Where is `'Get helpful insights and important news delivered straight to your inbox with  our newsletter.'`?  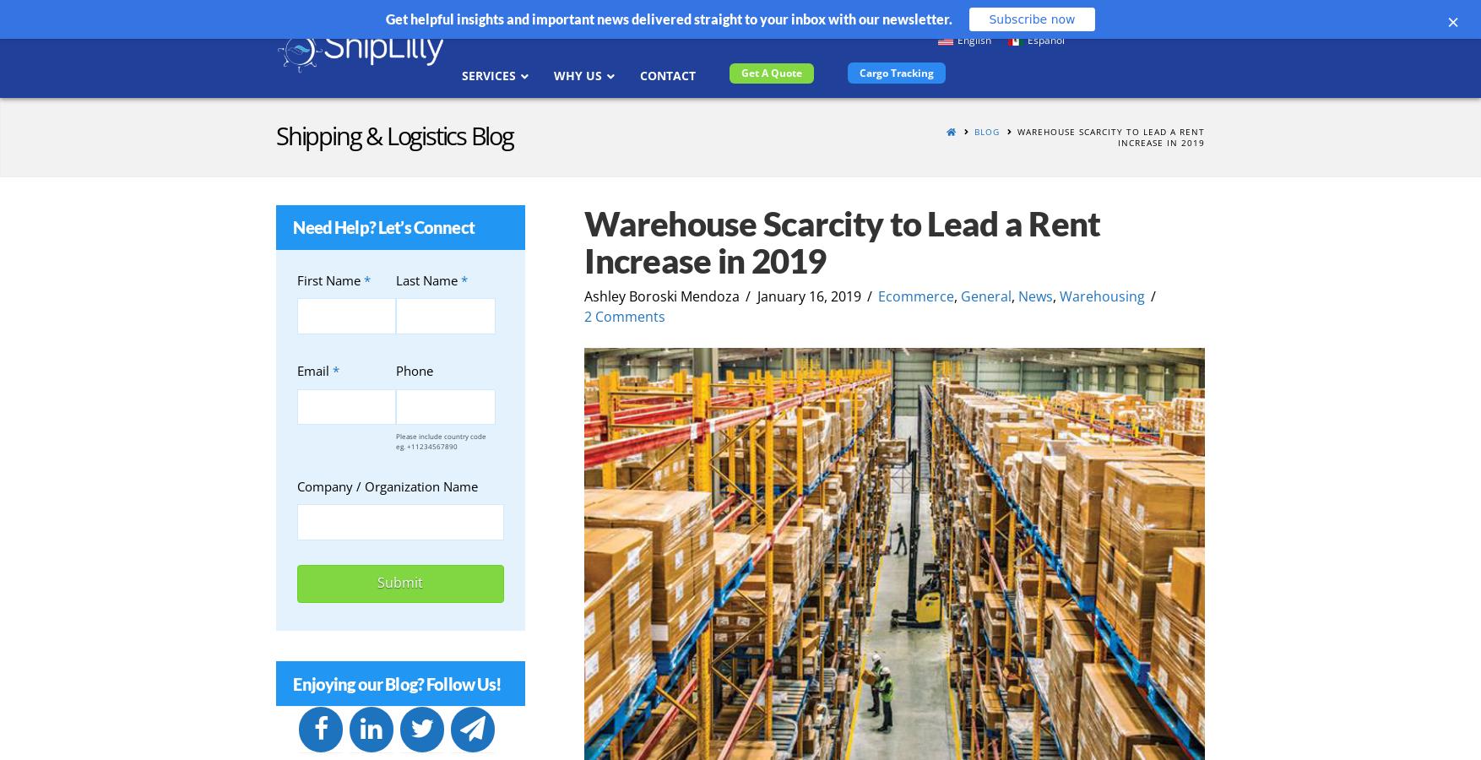
'Get helpful insights and important news delivered straight to your inbox with  our newsletter.' is located at coordinates (667, 18).